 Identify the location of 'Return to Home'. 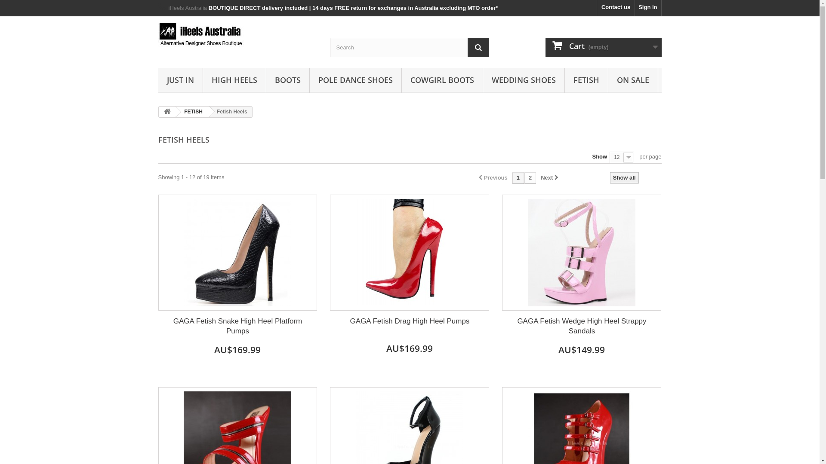
(167, 111).